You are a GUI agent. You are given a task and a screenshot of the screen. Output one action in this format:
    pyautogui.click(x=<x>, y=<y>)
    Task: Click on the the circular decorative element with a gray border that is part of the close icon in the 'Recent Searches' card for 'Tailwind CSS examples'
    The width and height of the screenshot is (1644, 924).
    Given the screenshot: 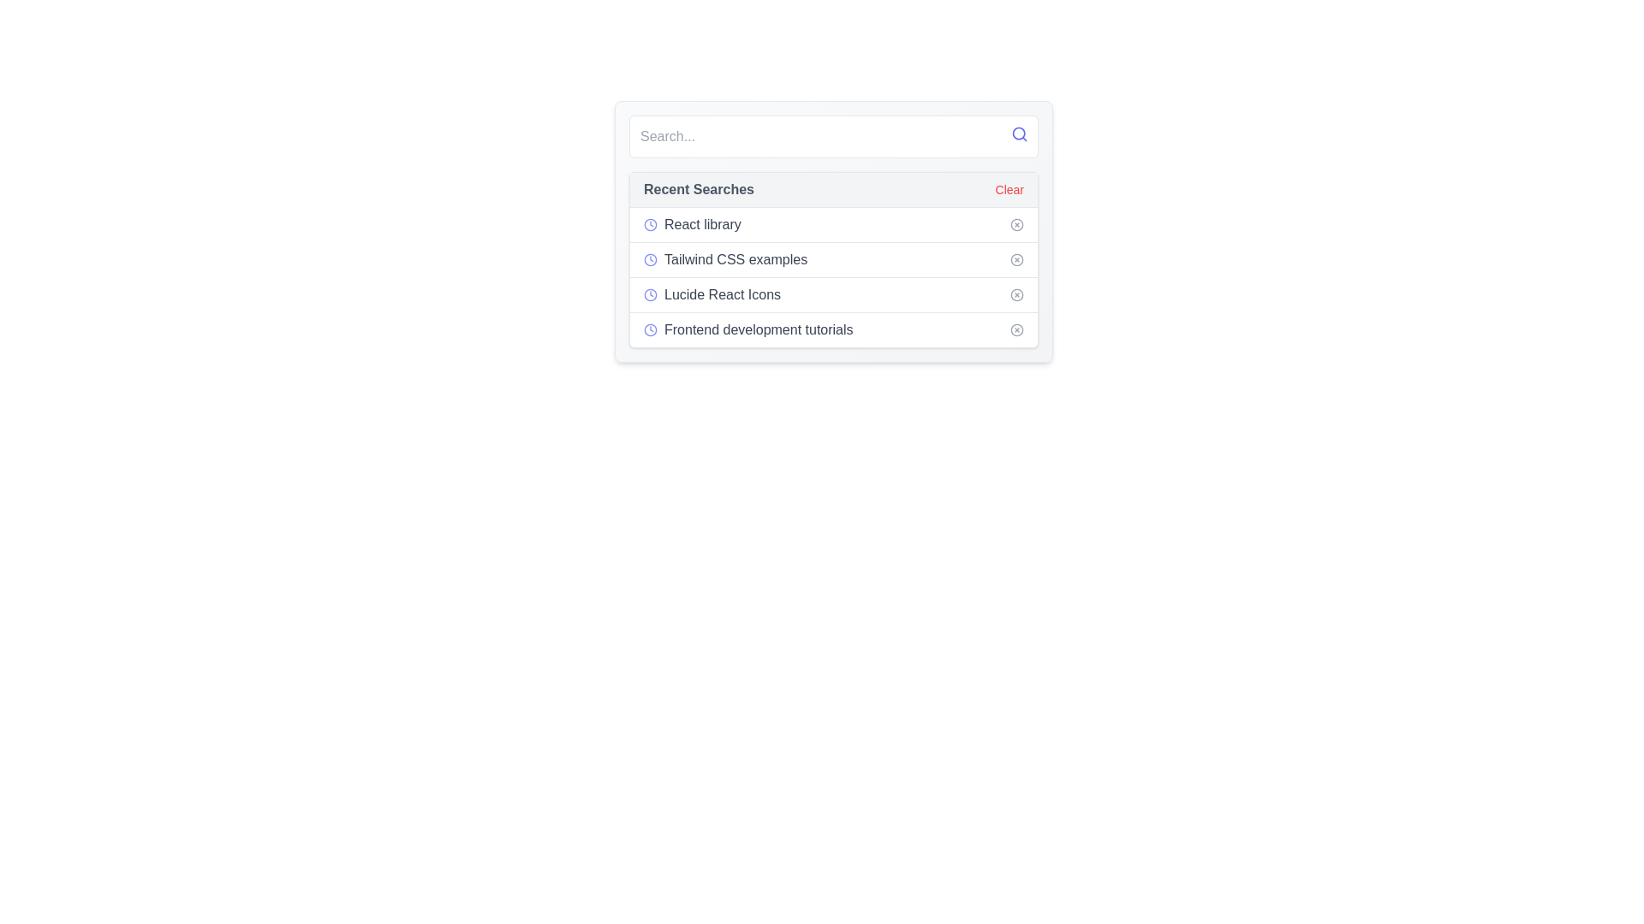 What is the action you would take?
    pyautogui.click(x=1017, y=260)
    